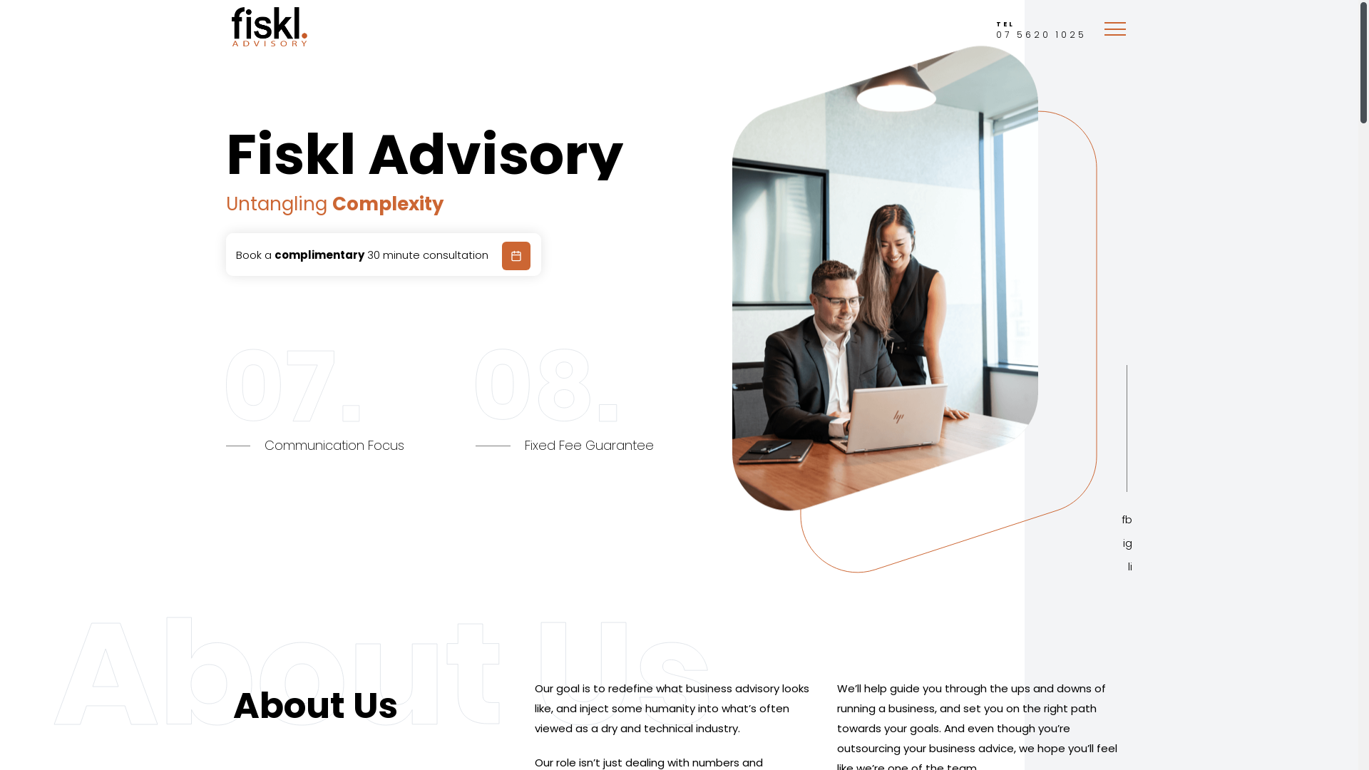 This screenshot has width=1369, height=770. Describe the element at coordinates (383, 254) in the screenshot. I see `'Book a complimentary 30 minute consultation'` at that location.